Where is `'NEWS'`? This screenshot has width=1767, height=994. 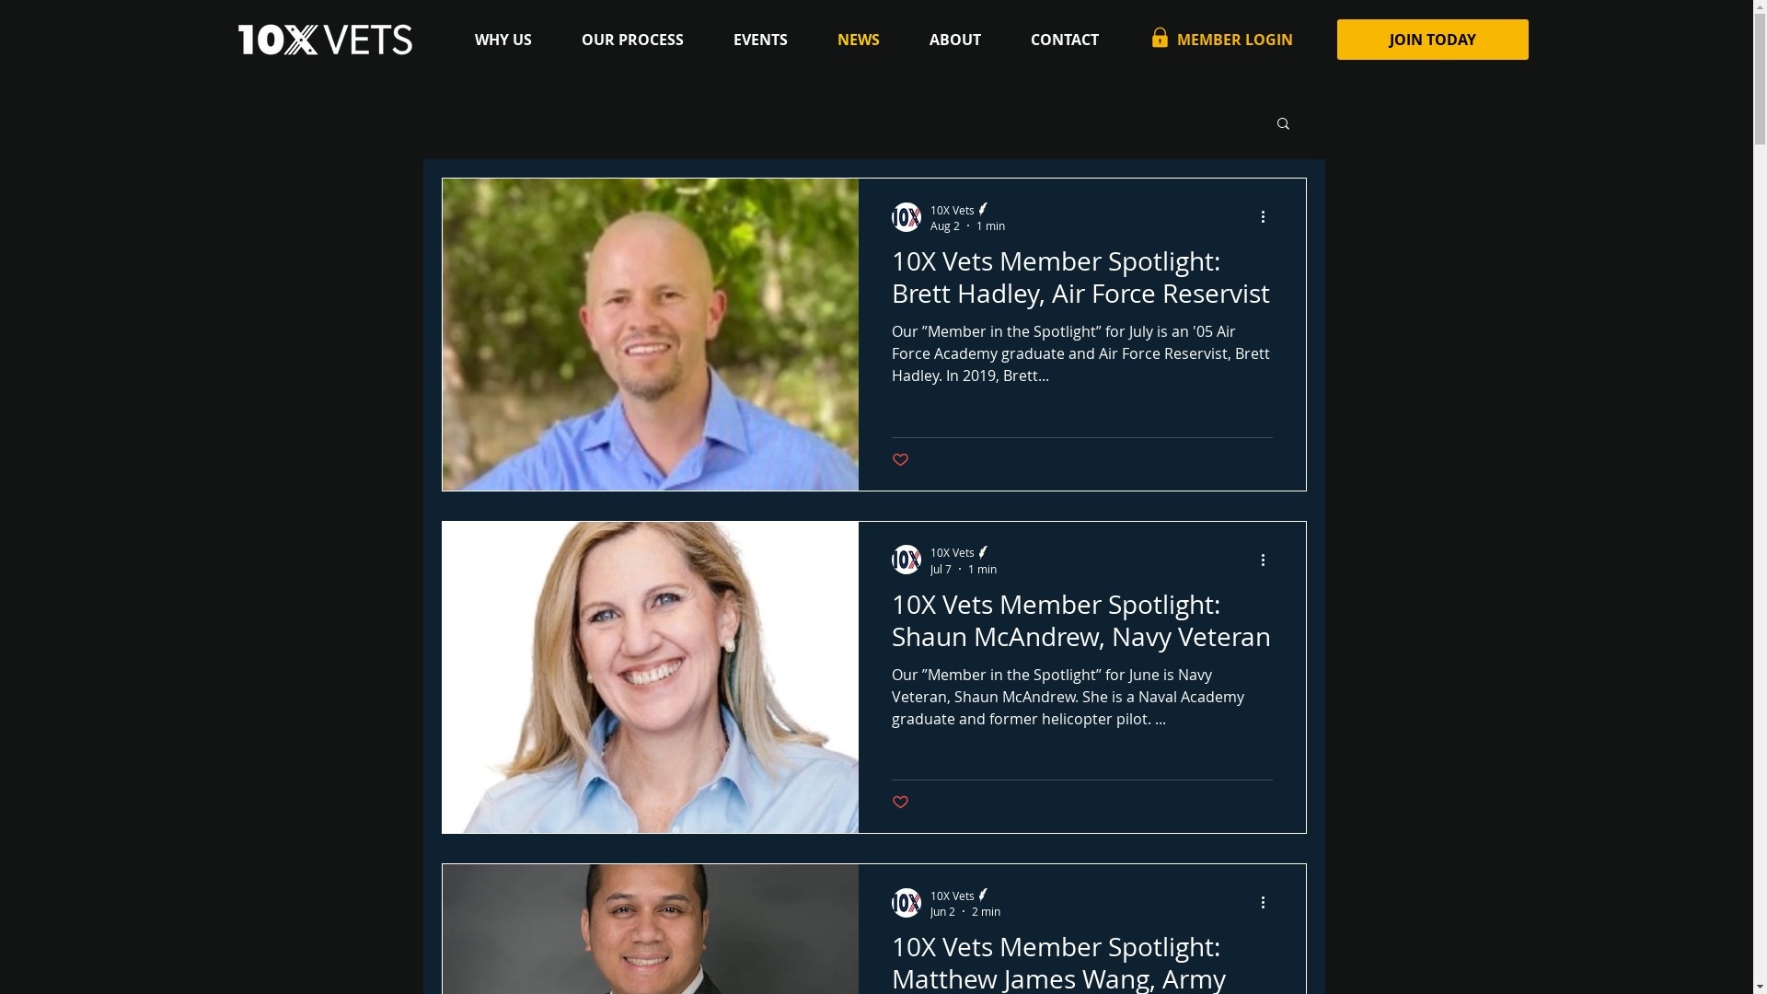
'NEWS' is located at coordinates (868, 39).